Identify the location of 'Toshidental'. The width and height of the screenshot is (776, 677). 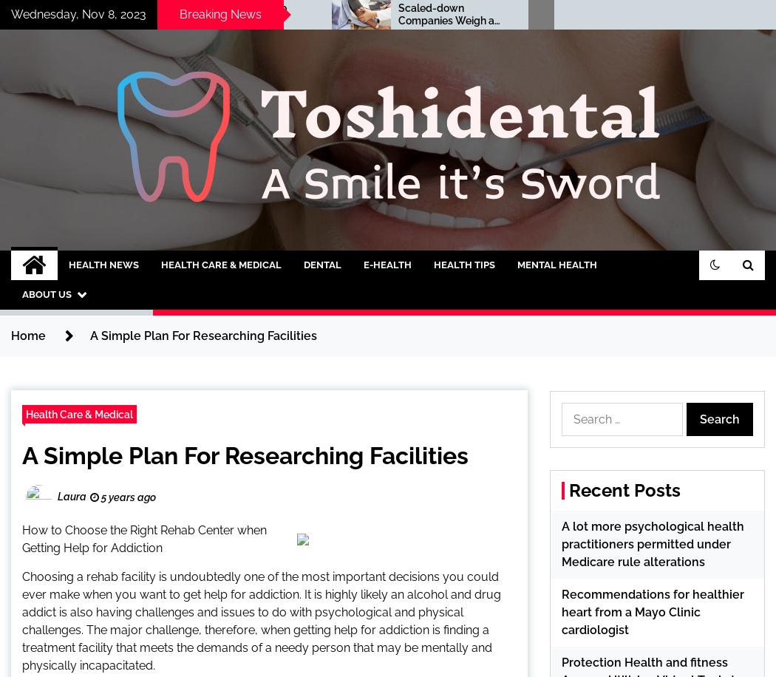
(104, 256).